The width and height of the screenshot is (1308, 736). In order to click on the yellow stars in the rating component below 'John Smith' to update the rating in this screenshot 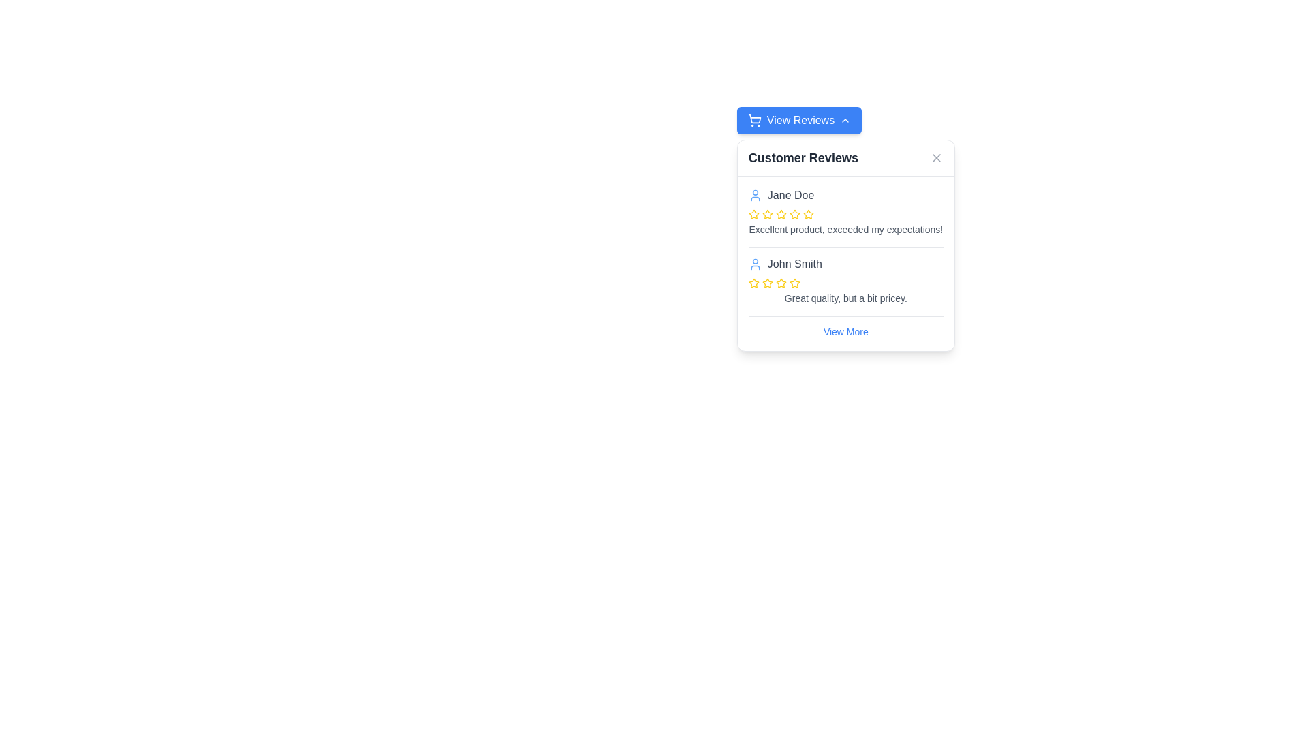, I will do `click(845, 283)`.